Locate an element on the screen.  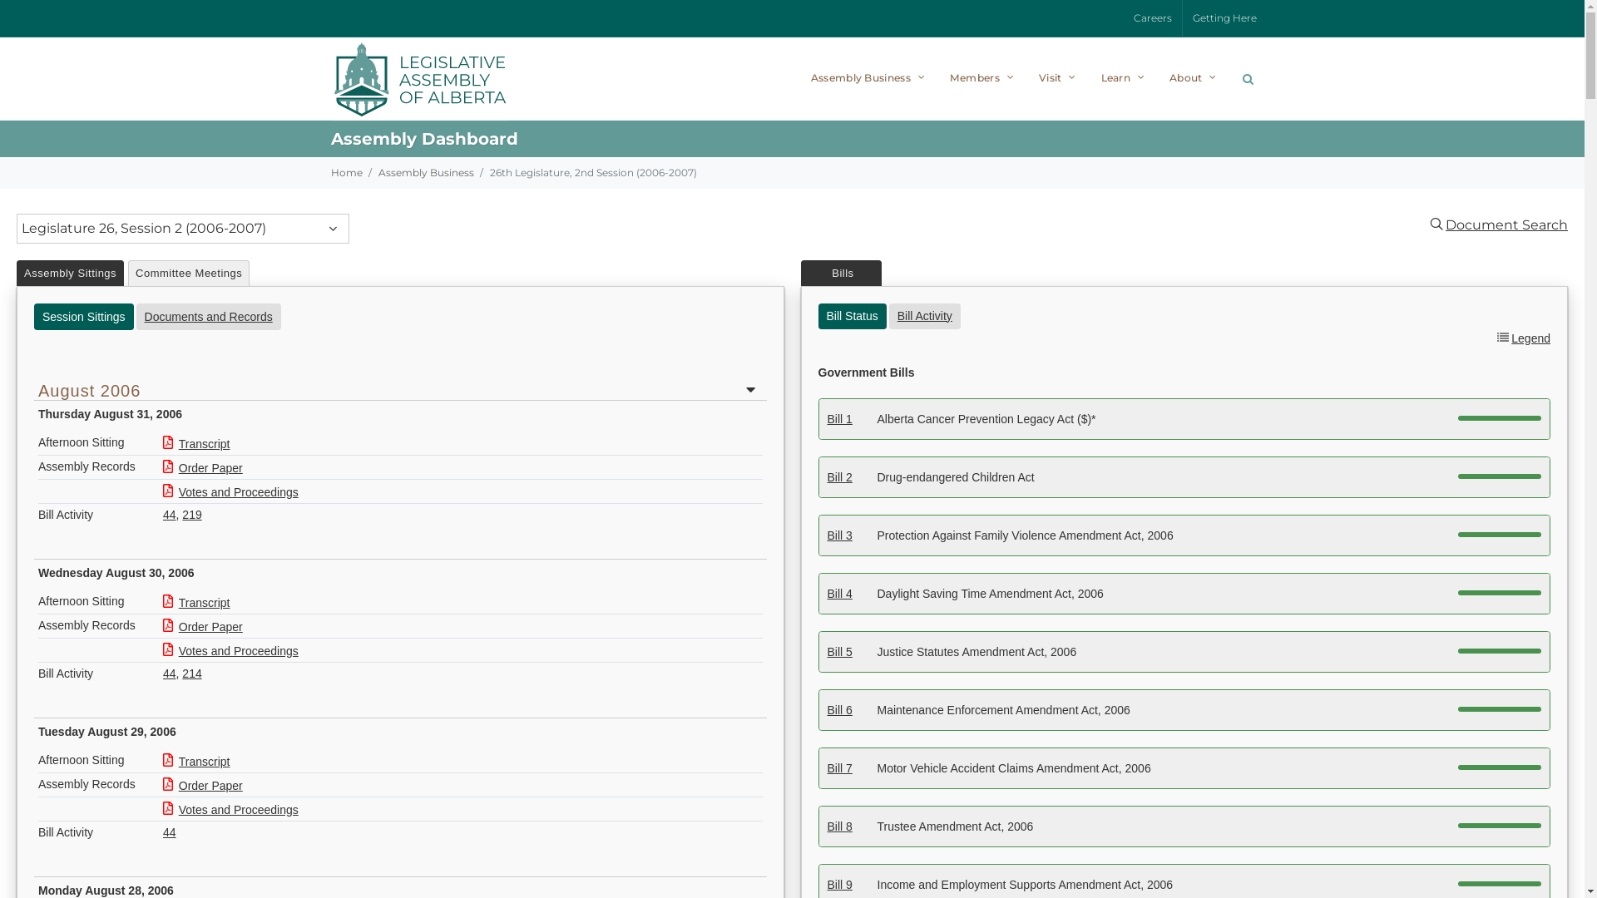
'Committee Meetings' is located at coordinates (188, 272).